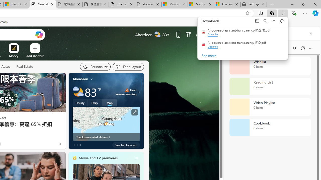 This screenshot has width=321, height=180. I want to click on 'Heat - Severe', so click(127, 90).